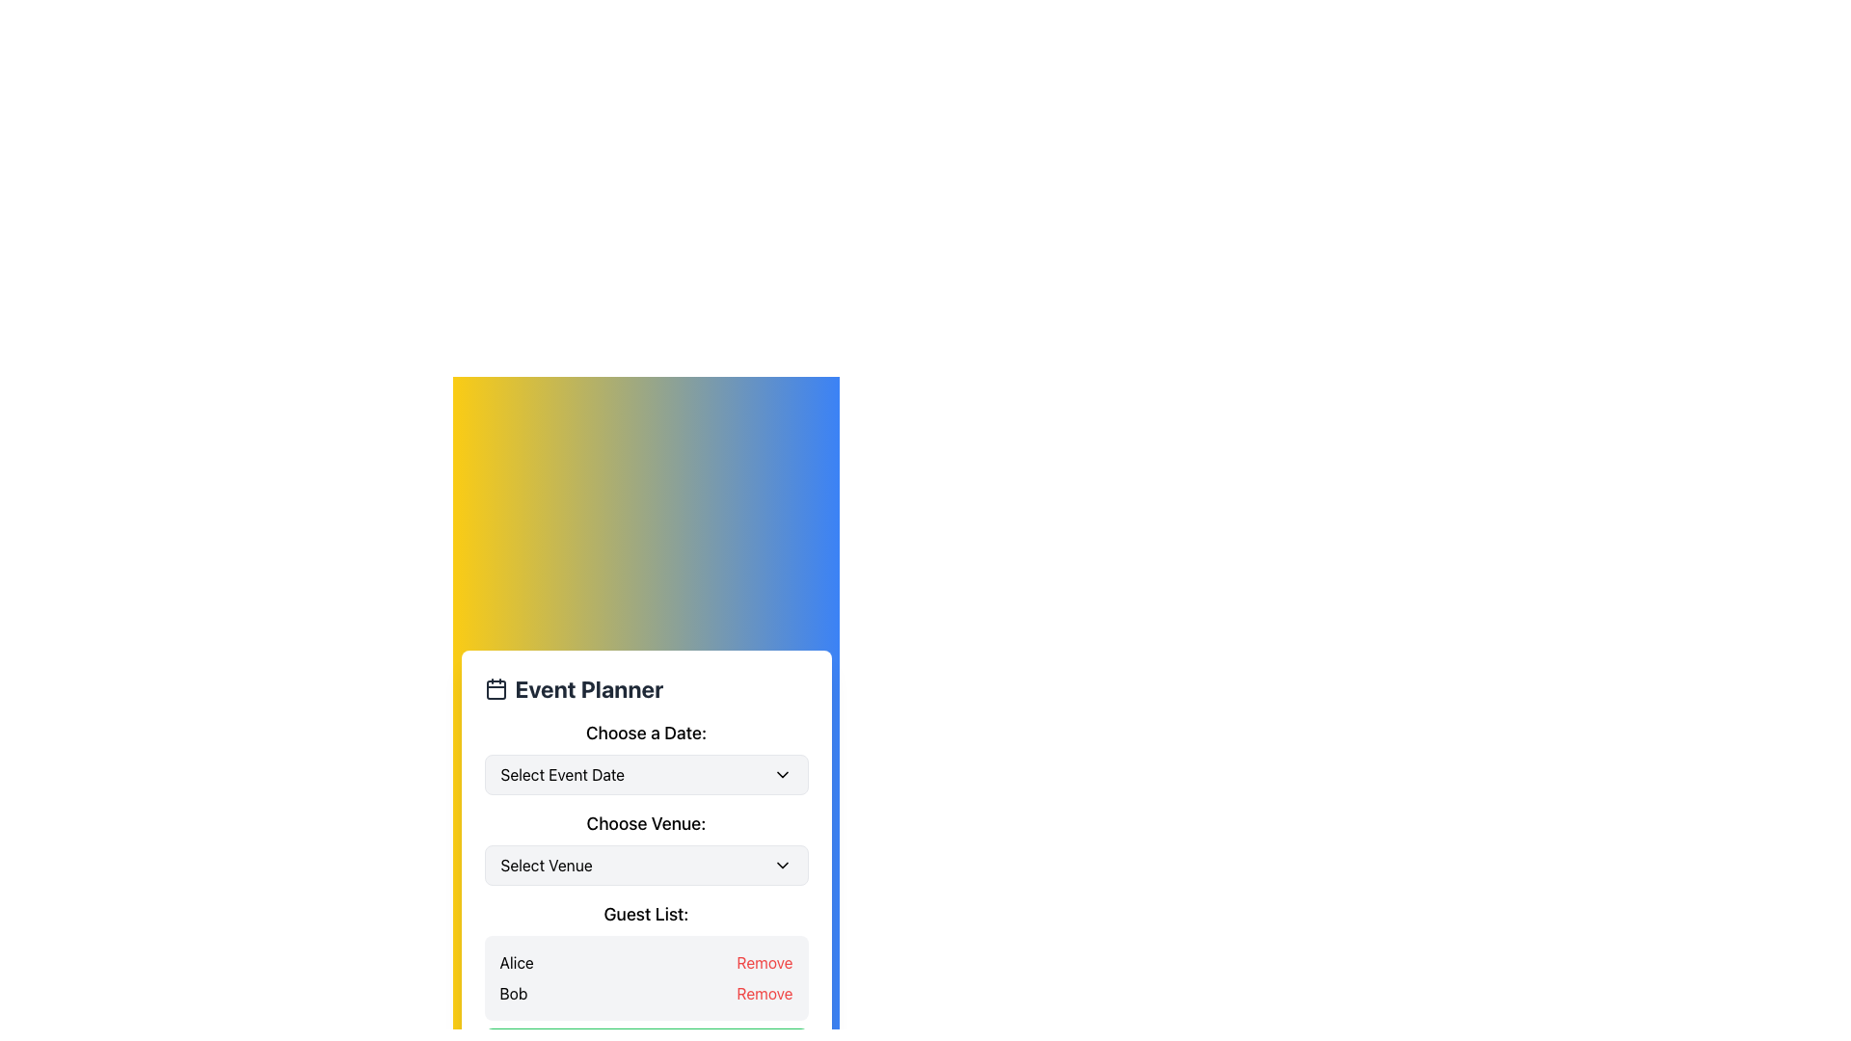 The width and height of the screenshot is (1851, 1041). Describe the element at coordinates (513, 993) in the screenshot. I see `the text label displaying the guest's name 'Bob' in the 'Guest List:' under the 'Event Planner' panel` at that location.